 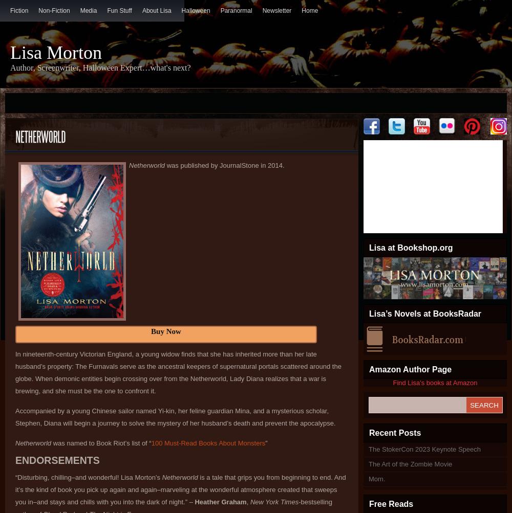 I want to click on 'Accompanied by a young Chinese sailor named Yi-kin, her feline guardian Mina, and a mysterious scholar, Stephen, Diana will begin a journey to solve the mystery of her husband’s death and prevent the apocalypse.', so click(x=175, y=417).